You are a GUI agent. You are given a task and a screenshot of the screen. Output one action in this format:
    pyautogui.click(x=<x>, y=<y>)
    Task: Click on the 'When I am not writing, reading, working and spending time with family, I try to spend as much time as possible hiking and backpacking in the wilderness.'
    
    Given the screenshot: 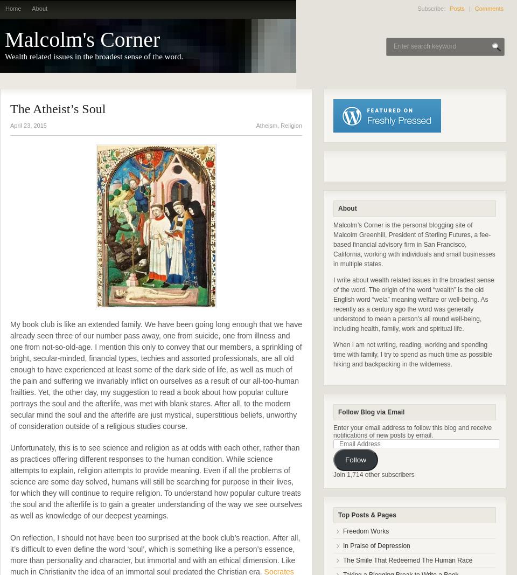 What is the action you would take?
    pyautogui.click(x=412, y=355)
    